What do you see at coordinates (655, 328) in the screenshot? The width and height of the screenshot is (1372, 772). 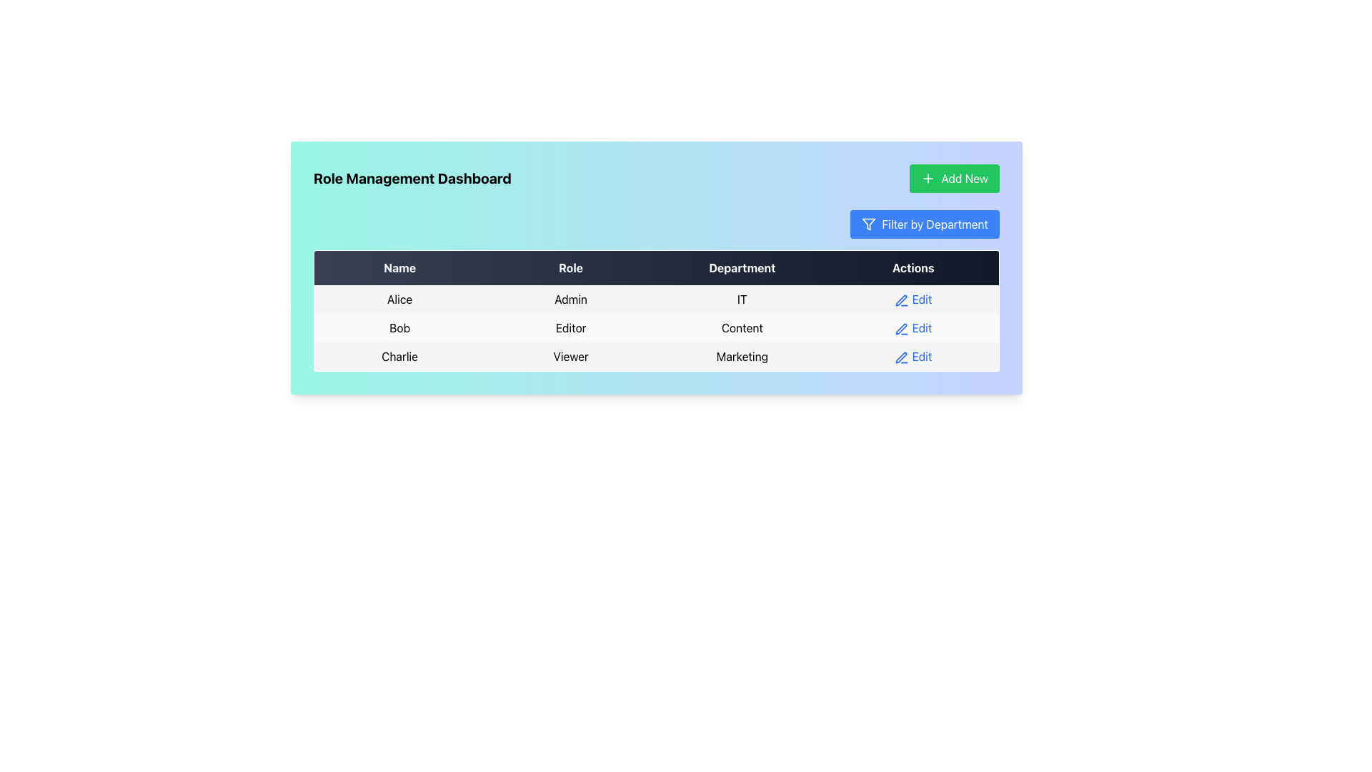 I see `the second table row displaying information about 'Bob'` at bounding box center [655, 328].